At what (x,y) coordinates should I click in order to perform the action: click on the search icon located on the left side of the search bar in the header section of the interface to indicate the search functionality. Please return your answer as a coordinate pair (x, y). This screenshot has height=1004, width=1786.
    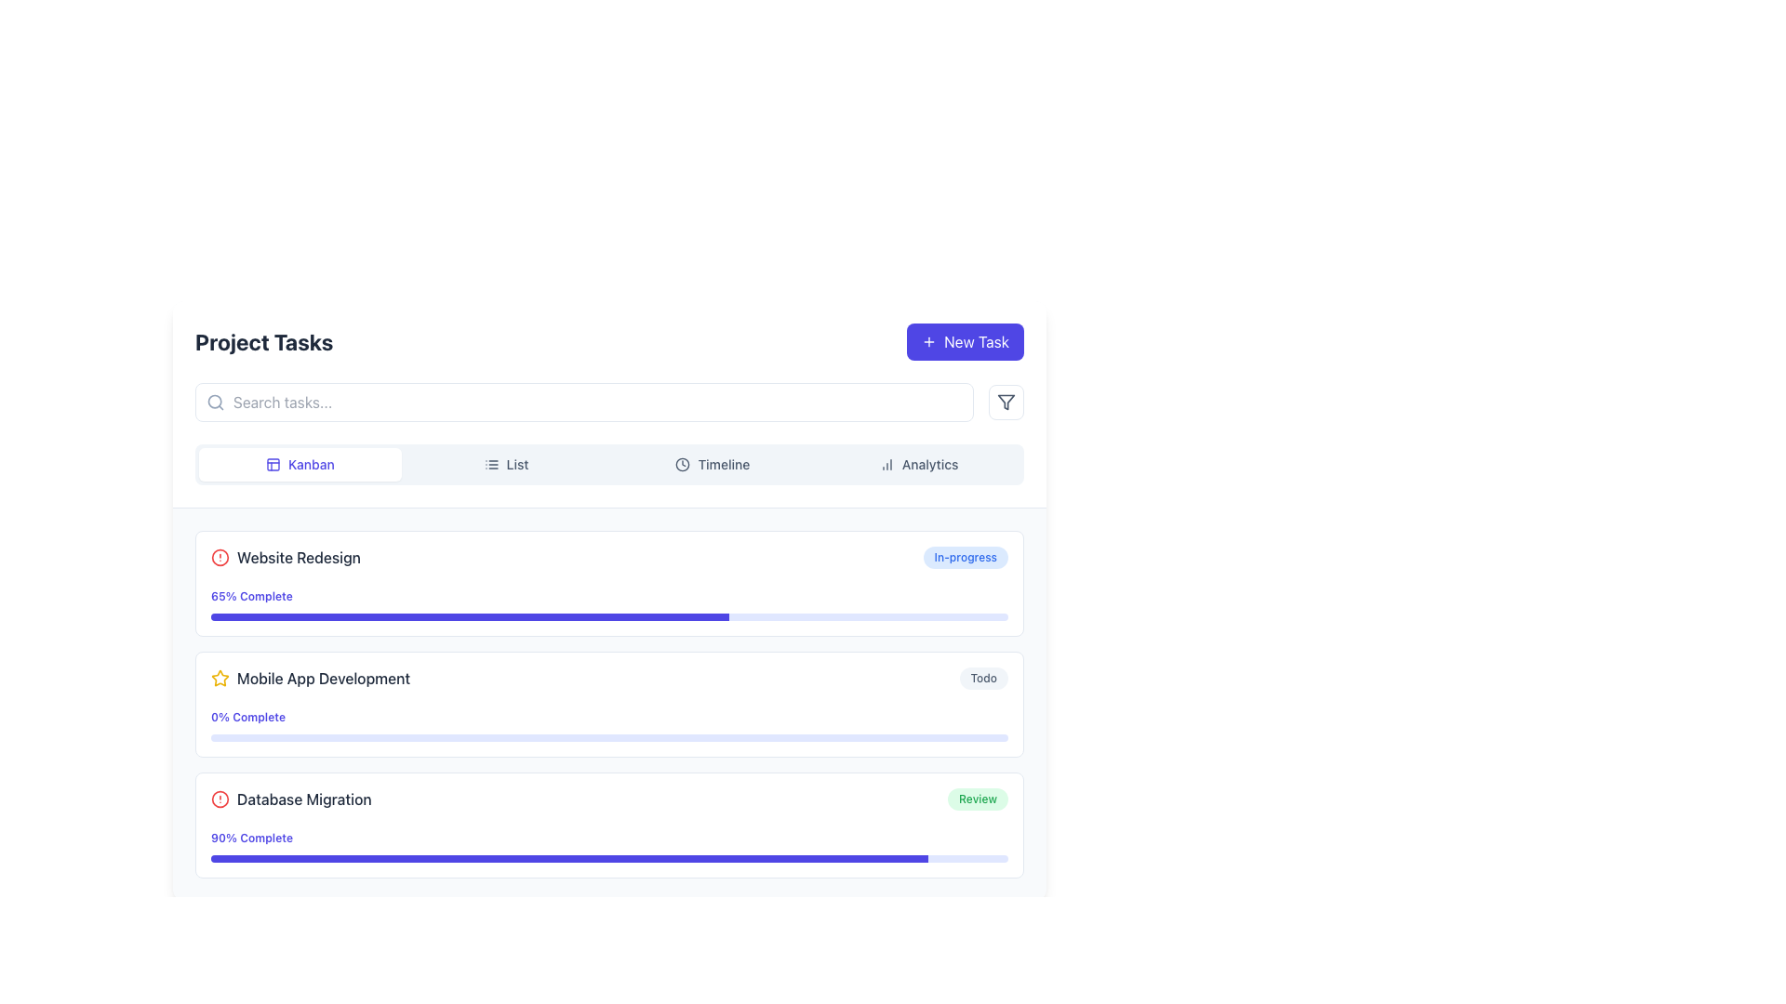
    Looking at the image, I should click on (215, 401).